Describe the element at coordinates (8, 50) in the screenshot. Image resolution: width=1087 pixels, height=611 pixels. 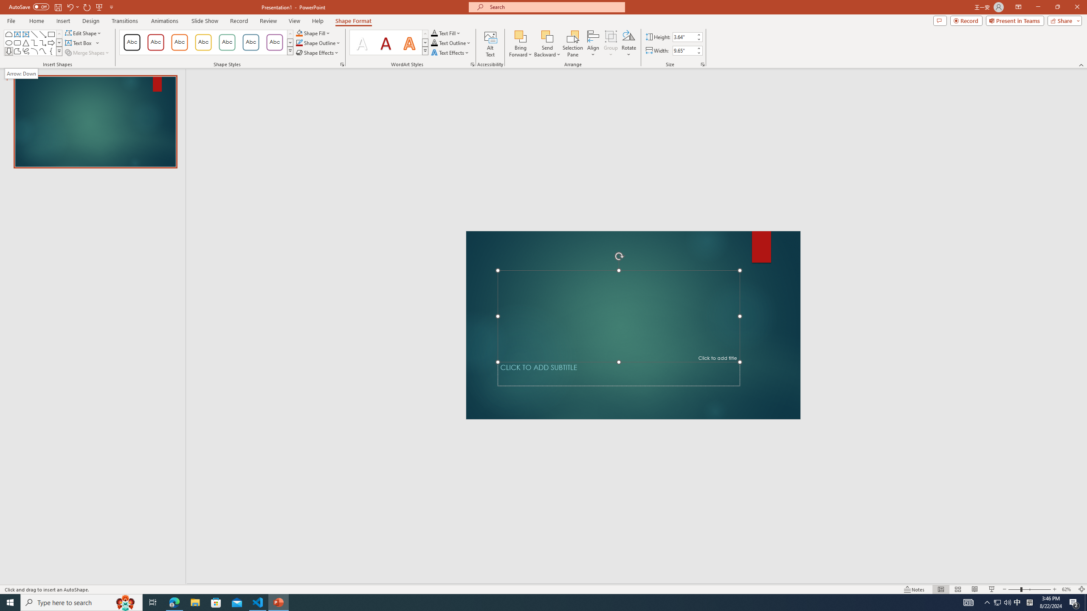
I see `'Arrow: Down'` at that location.